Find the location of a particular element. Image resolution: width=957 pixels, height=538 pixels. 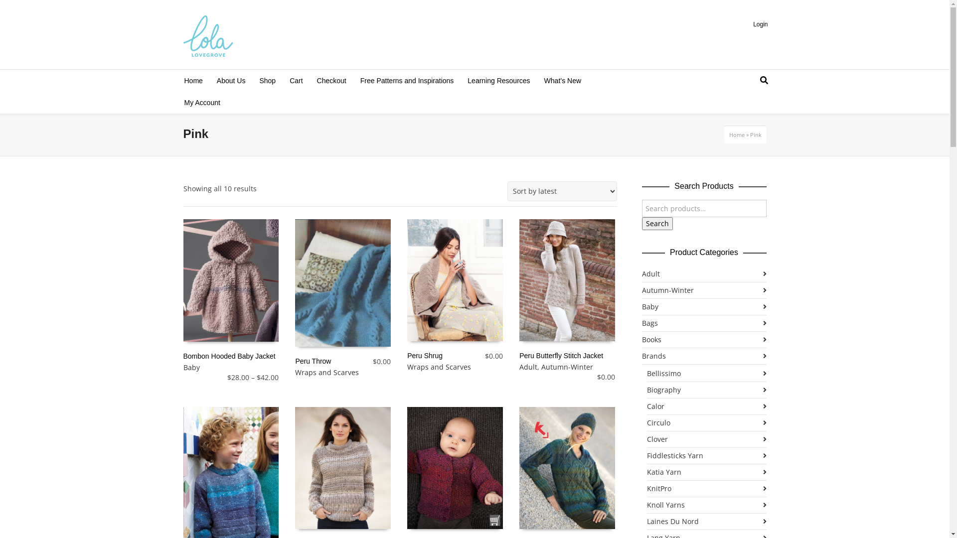

'Cart' is located at coordinates (296, 80).